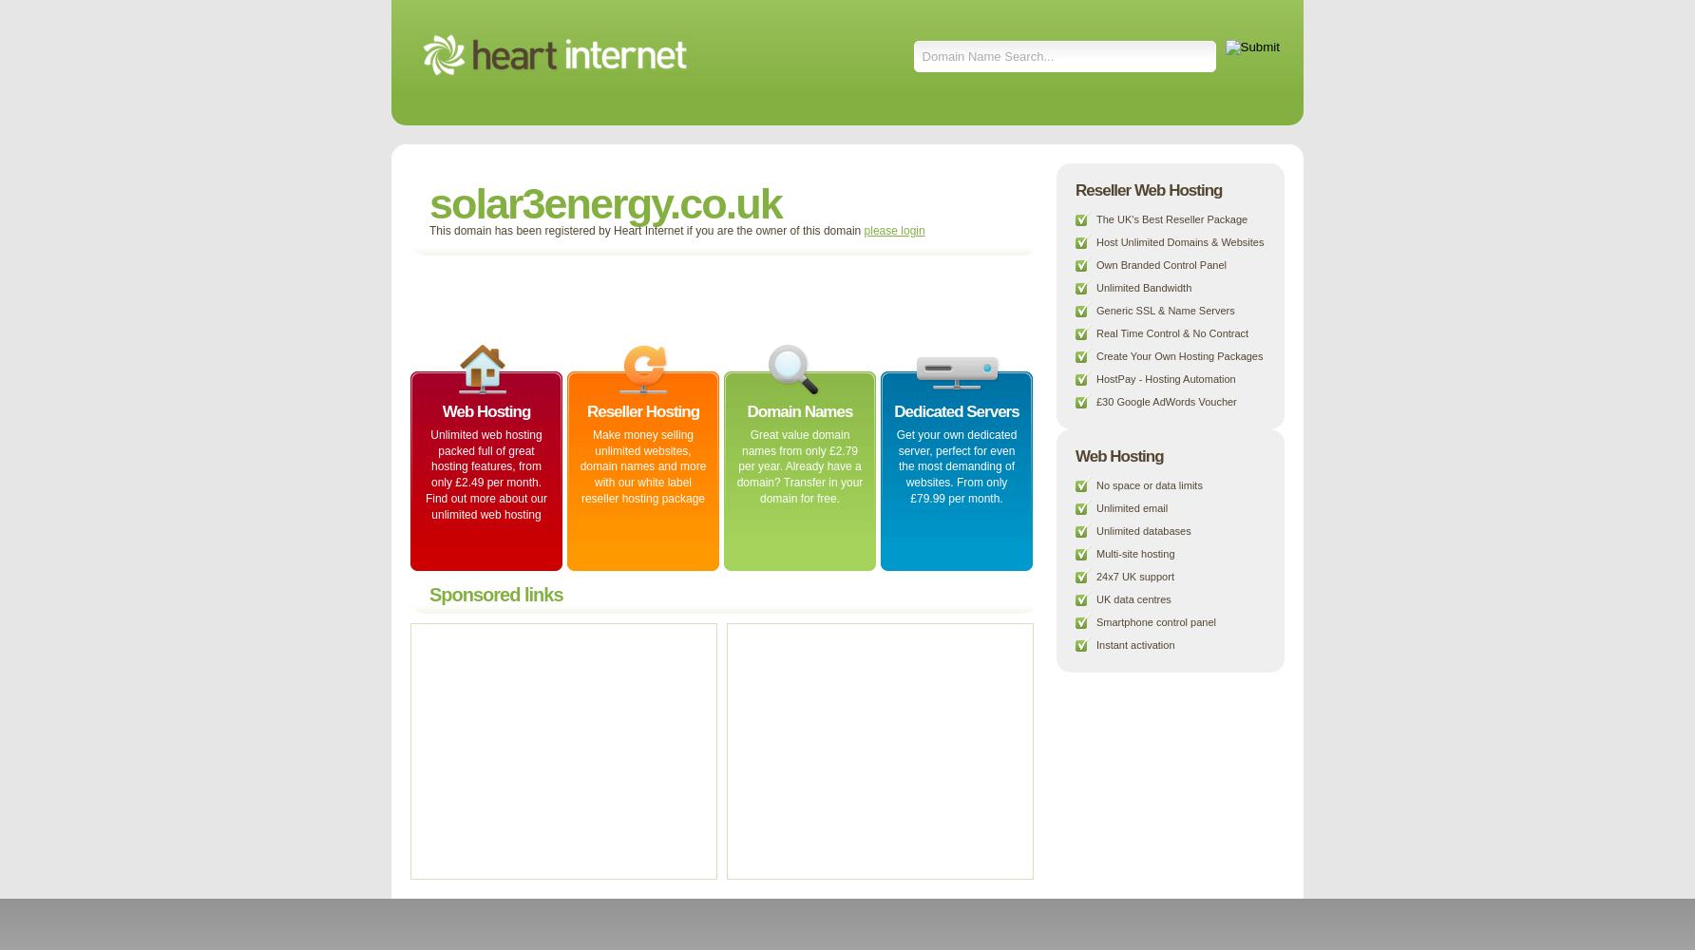  I want to click on 'Dedicated Servers', so click(955, 411).